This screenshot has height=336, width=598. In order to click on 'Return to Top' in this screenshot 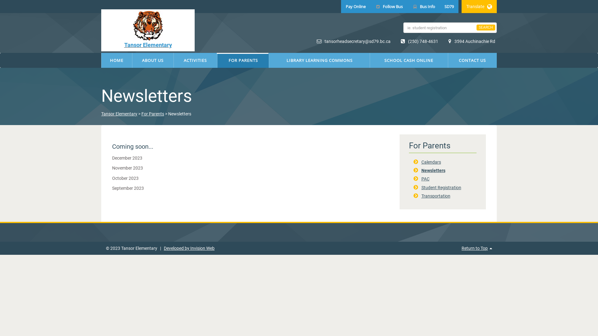, I will do `click(474, 248)`.